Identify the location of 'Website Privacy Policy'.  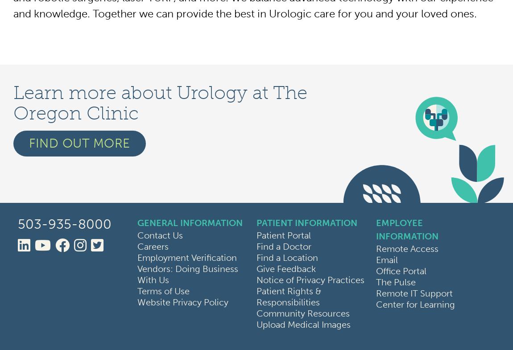
(182, 302).